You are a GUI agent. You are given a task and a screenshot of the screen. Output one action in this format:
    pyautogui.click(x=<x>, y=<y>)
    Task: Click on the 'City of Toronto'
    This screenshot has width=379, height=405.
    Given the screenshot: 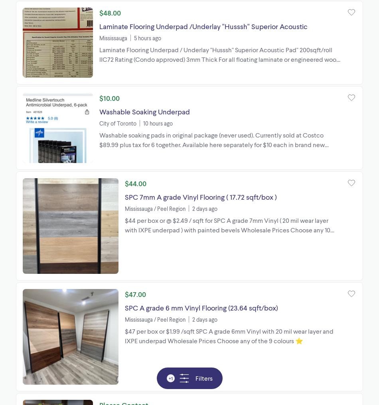 What is the action you would take?
    pyautogui.click(x=117, y=123)
    